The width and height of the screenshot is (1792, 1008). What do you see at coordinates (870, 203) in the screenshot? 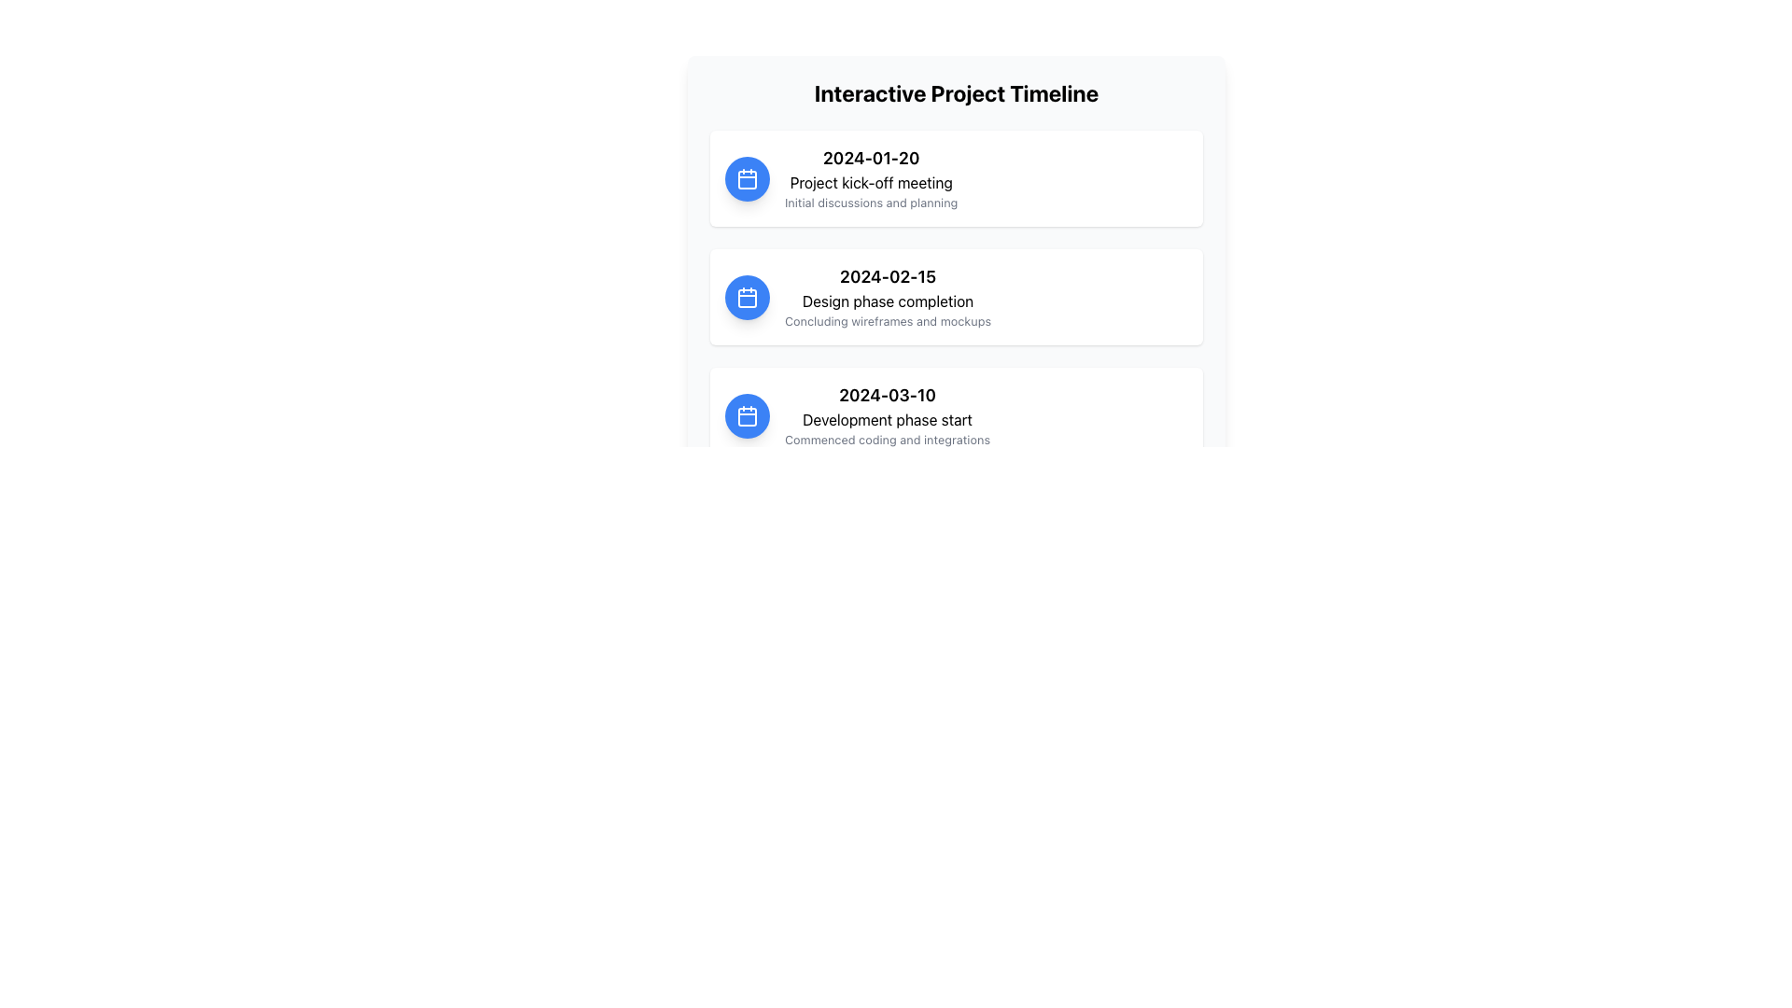
I see `description text located directly below the 'Project kick-off meeting' title in the first timeline event section` at bounding box center [870, 203].